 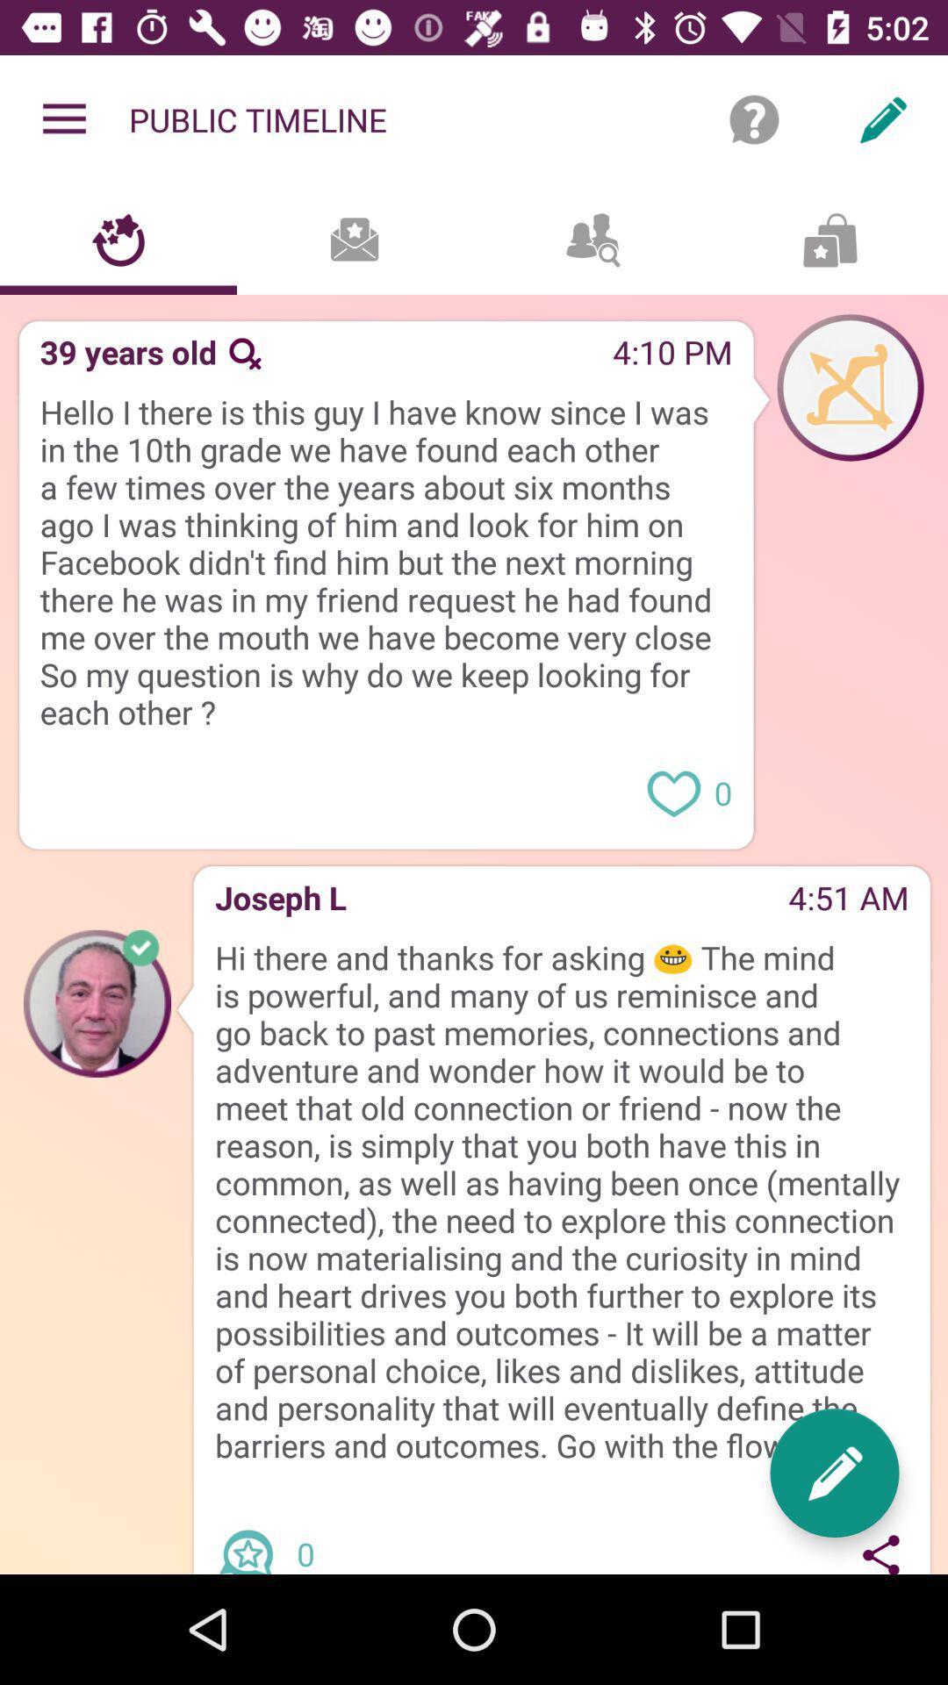 What do you see at coordinates (849, 386) in the screenshot?
I see `profile` at bounding box center [849, 386].